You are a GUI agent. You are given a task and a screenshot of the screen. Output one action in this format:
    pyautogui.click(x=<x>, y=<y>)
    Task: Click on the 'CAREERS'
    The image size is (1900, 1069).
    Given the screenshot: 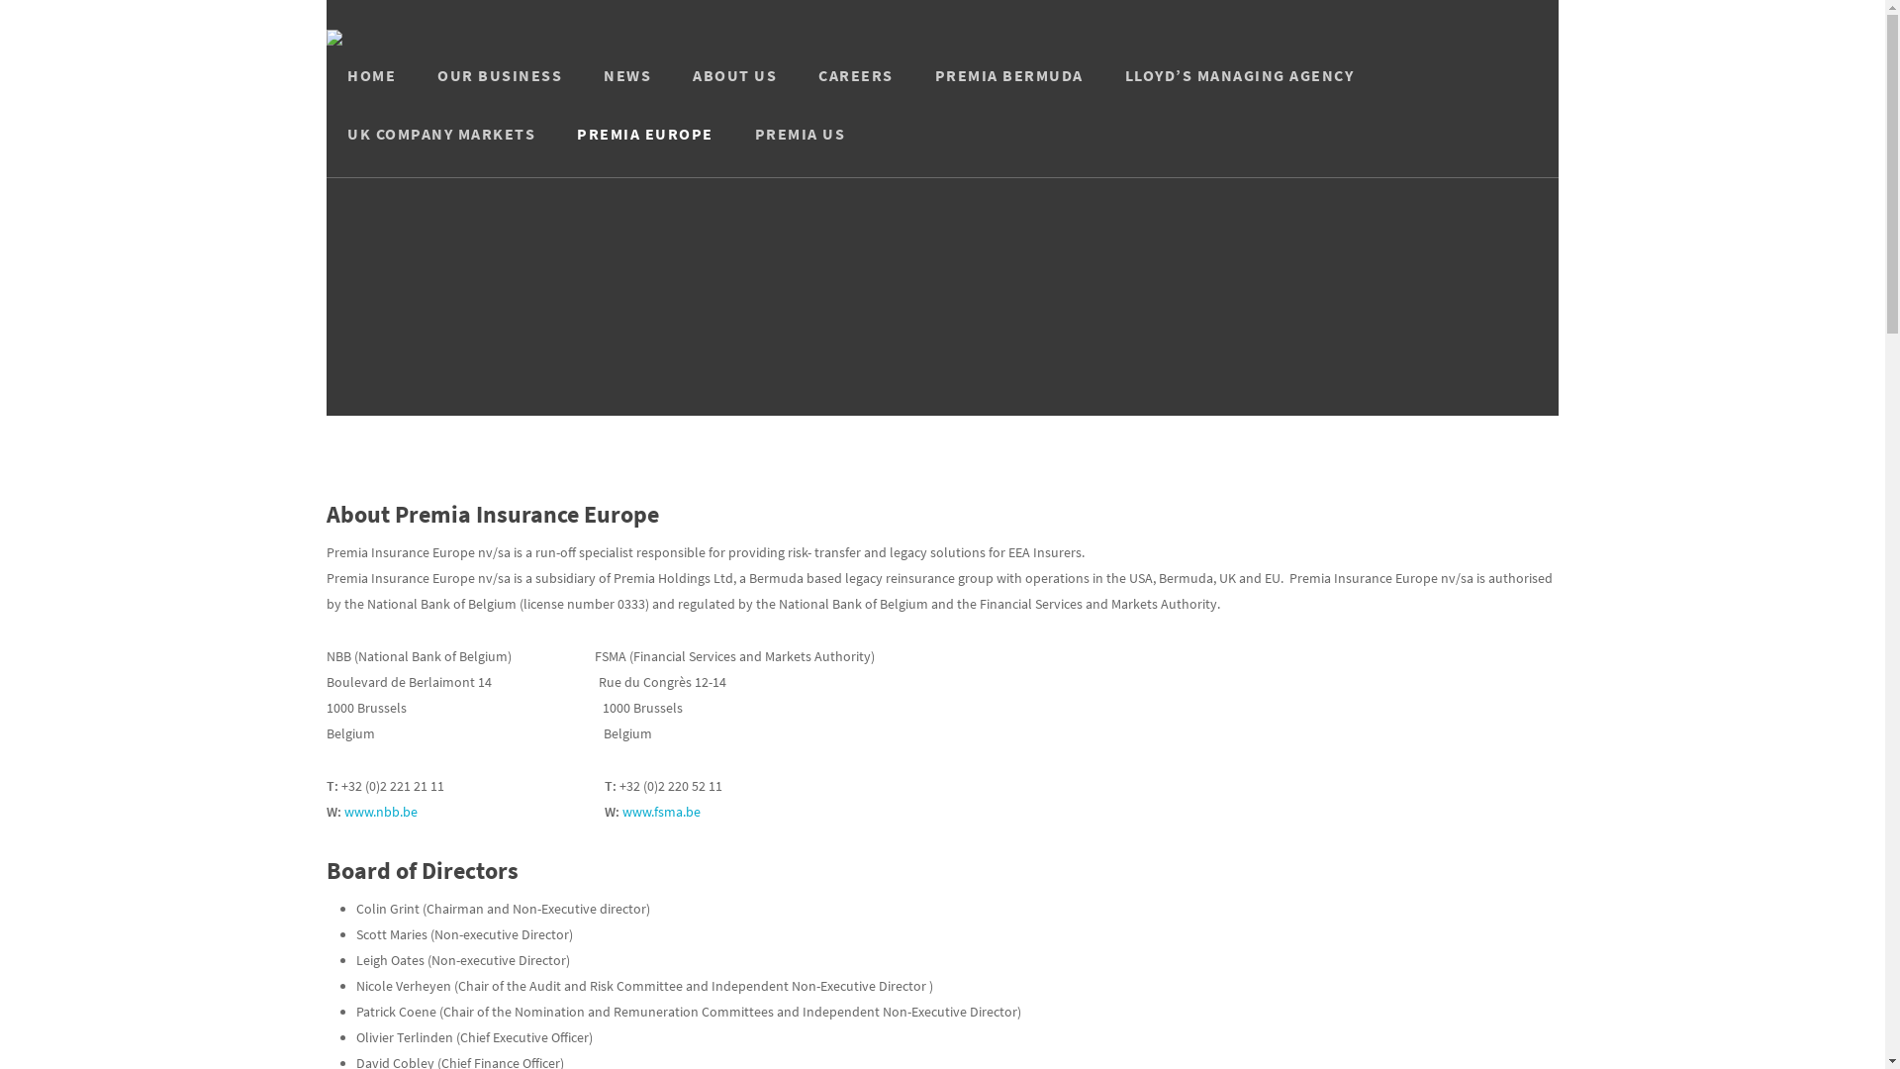 What is the action you would take?
    pyautogui.click(x=855, y=90)
    